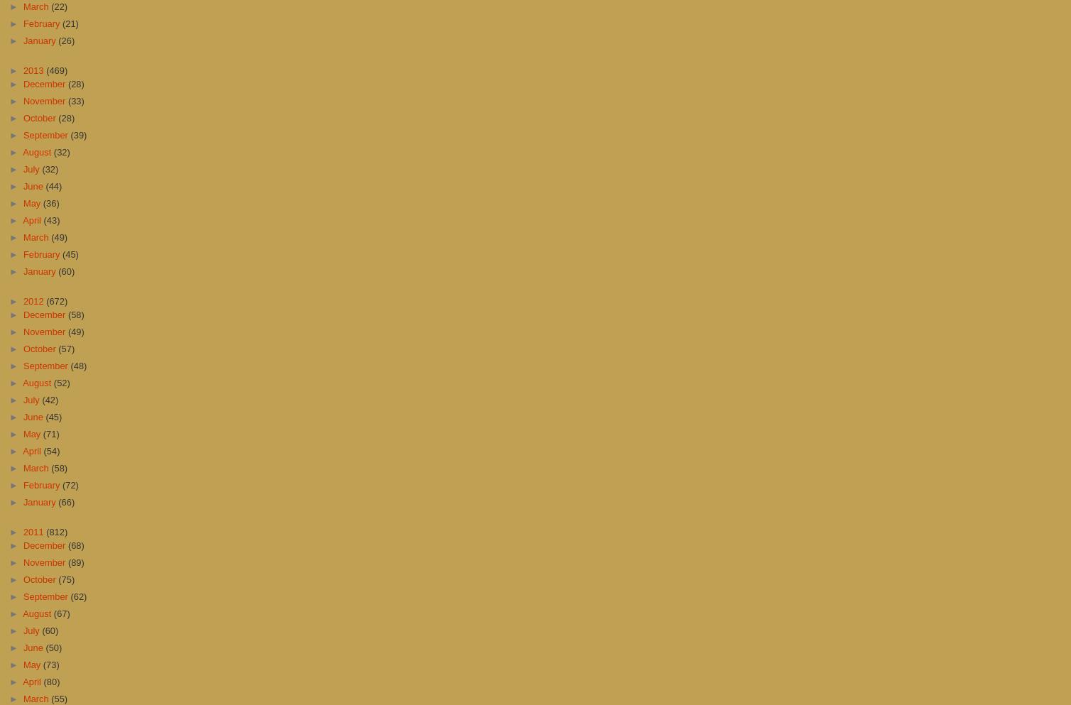 The height and width of the screenshot is (705, 1071). Describe the element at coordinates (51, 450) in the screenshot. I see `'(54)'` at that location.